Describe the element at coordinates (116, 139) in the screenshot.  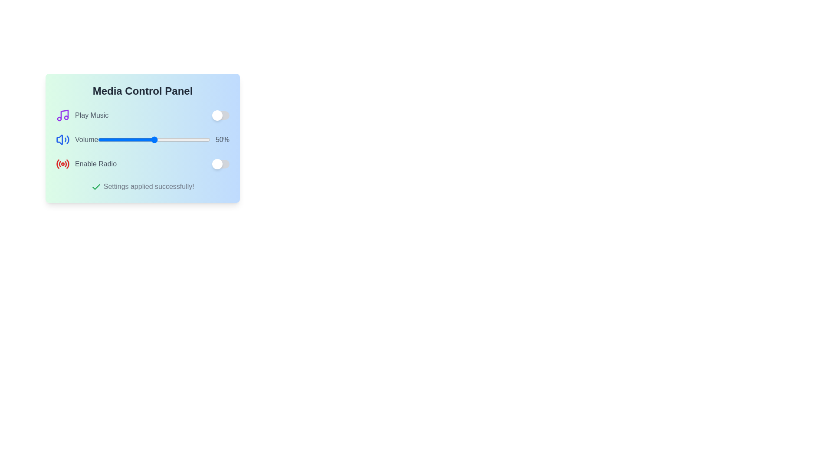
I see `the slider` at that location.